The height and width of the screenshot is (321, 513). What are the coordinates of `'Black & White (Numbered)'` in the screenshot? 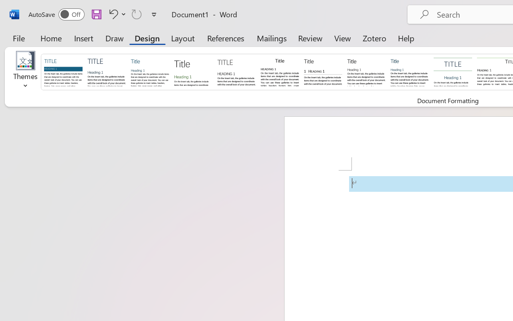 It's located at (323, 71).